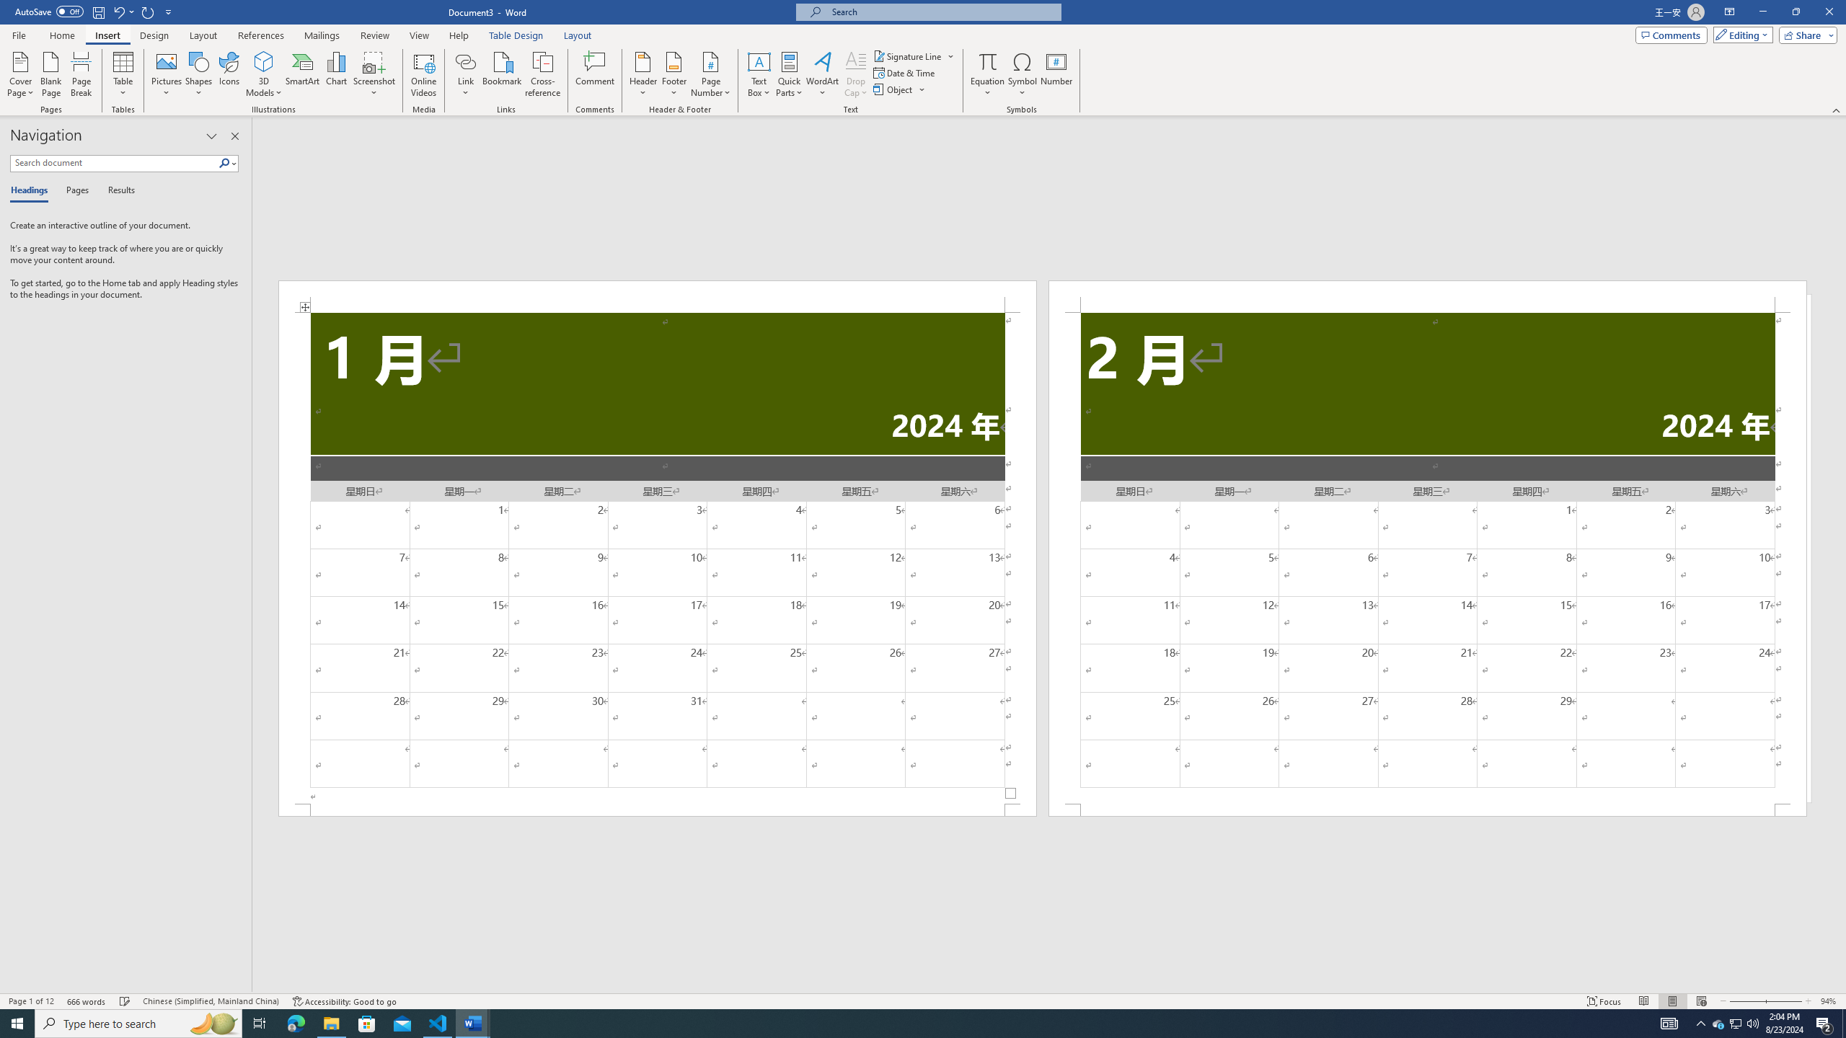 The image size is (1846, 1038). What do you see at coordinates (1428, 809) in the screenshot?
I see `'Footer -Section 2-'` at bounding box center [1428, 809].